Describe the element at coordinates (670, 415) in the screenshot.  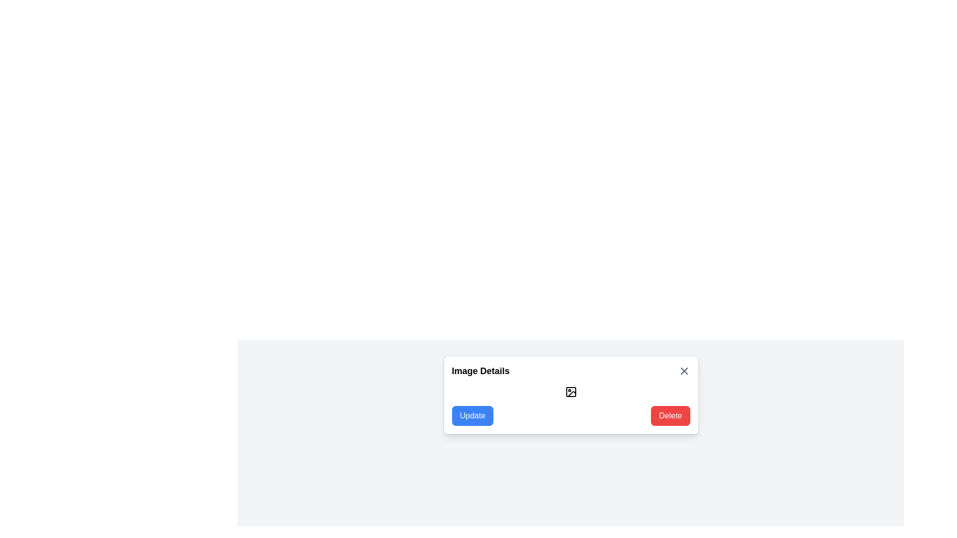
I see `the delete button located in the bottom-right corner of the 'Image Details' popup` at that location.